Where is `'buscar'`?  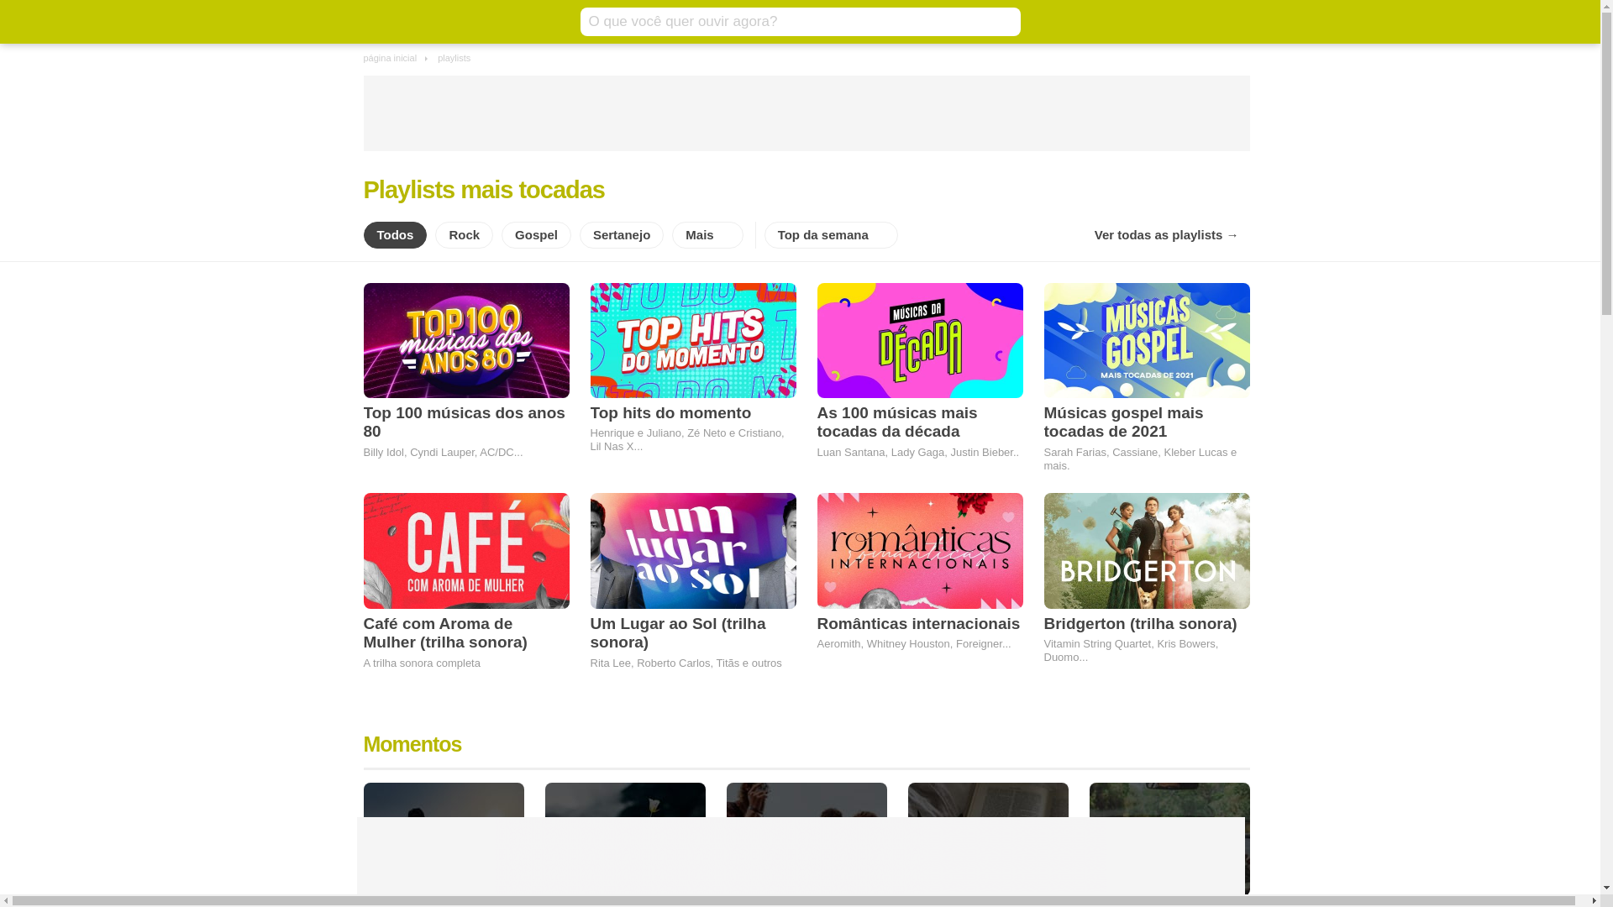 'buscar' is located at coordinates (1003, 22).